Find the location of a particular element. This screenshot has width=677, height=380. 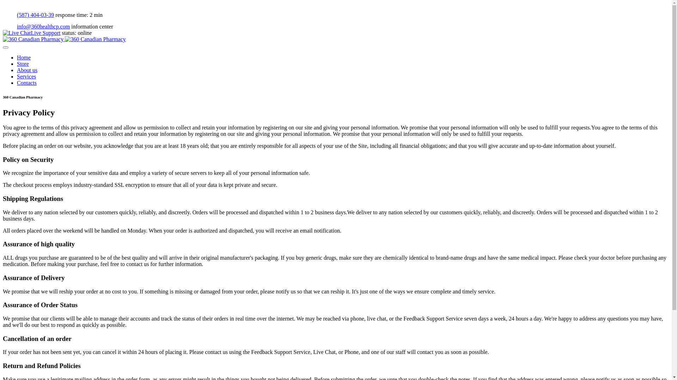

'Live Support' is located at coordinates (31, 33).